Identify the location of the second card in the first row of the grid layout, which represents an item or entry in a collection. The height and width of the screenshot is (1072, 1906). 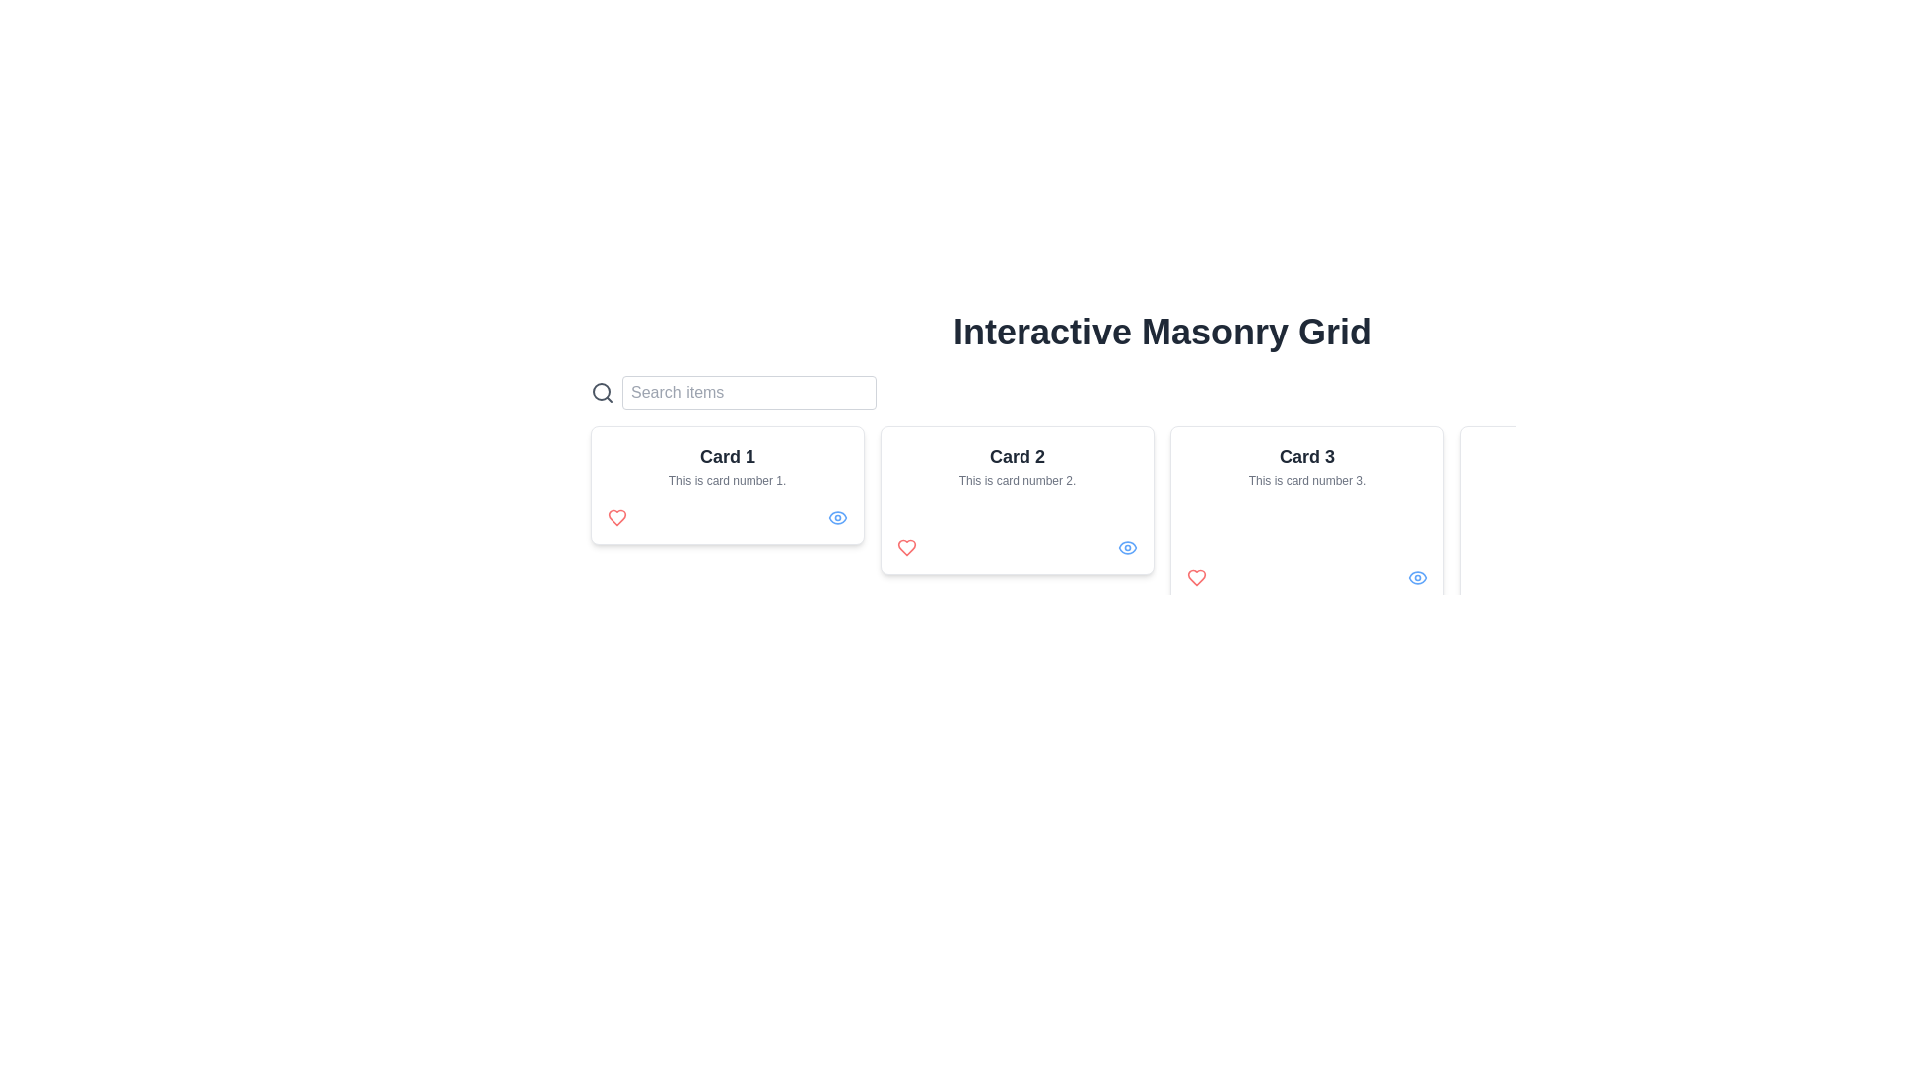
(1018, 499).